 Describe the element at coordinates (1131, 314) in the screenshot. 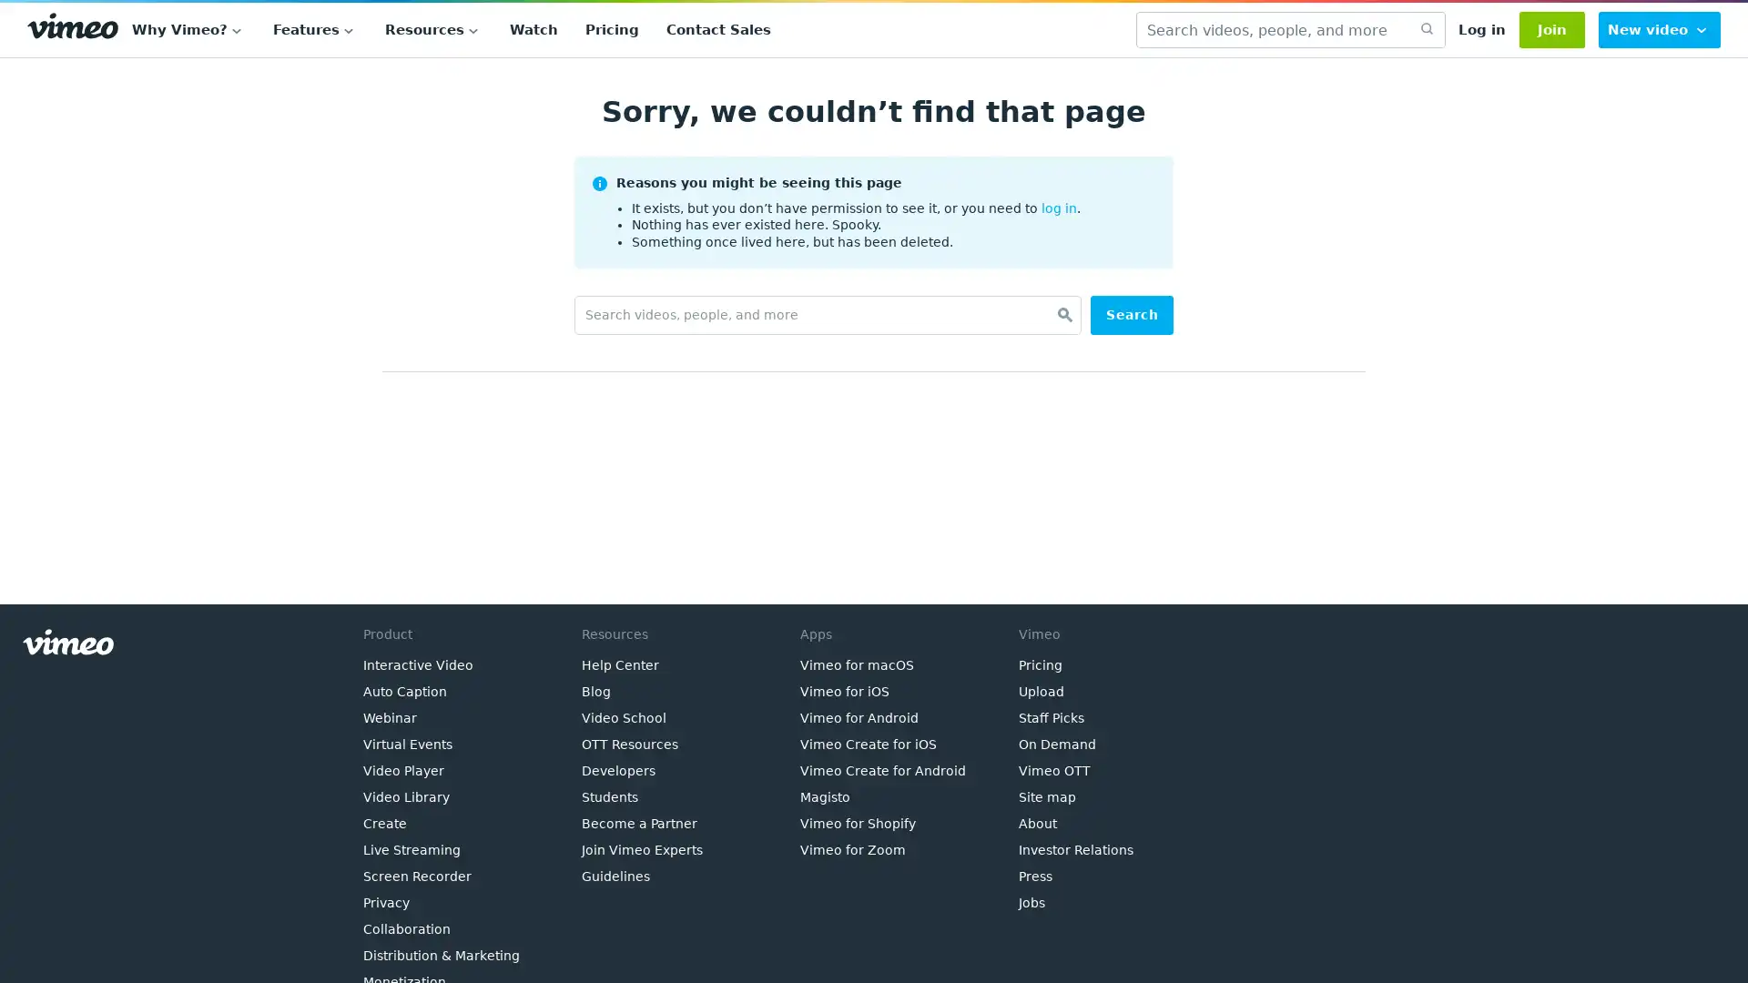

I see `Search` at that location.